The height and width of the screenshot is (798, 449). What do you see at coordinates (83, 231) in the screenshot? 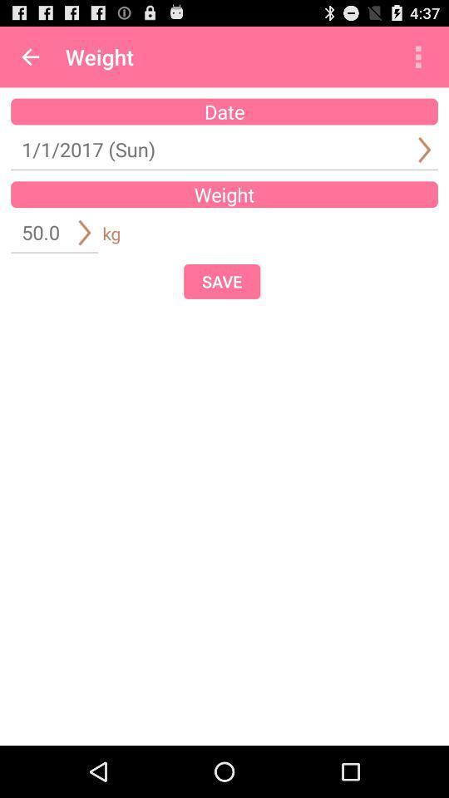
I see `the button which is left to kg` at bounding box center [83, 231].